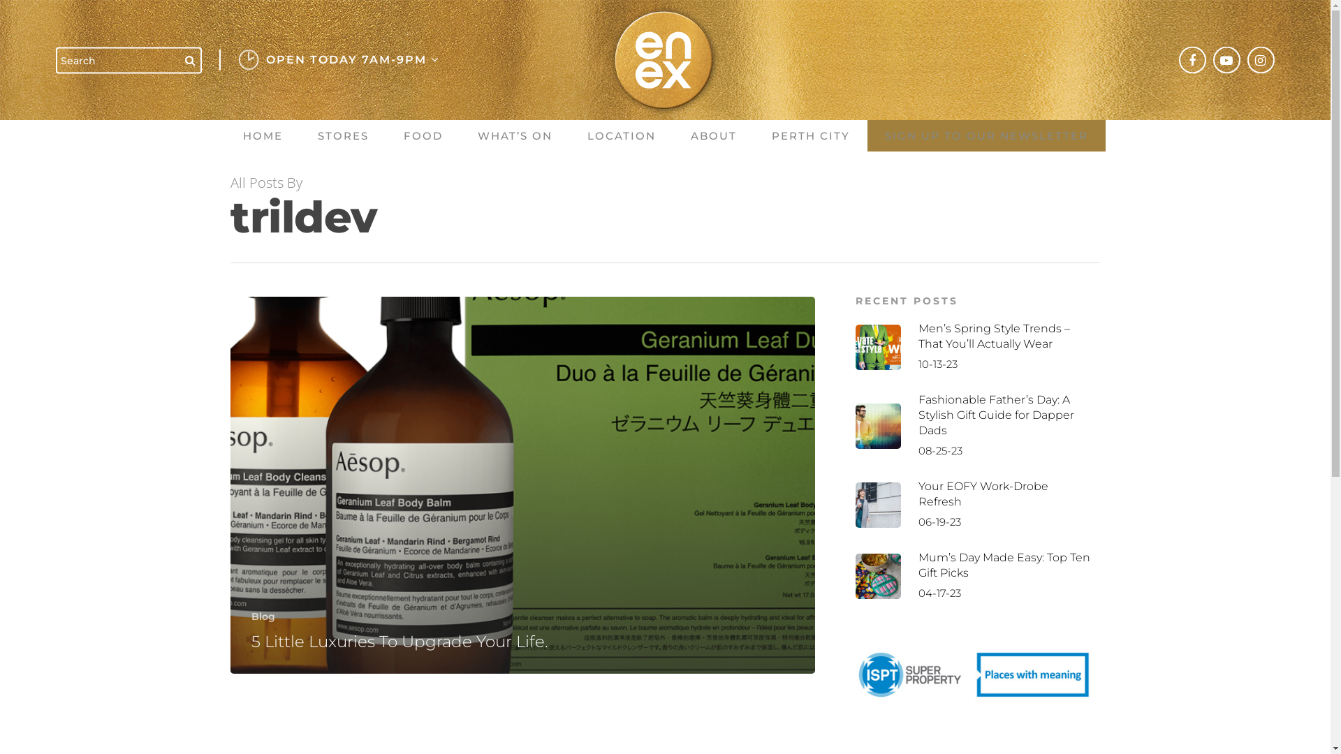  Describe the element at coordinates (343, 135) in the screenshot. I see `'STORES'` at that location.